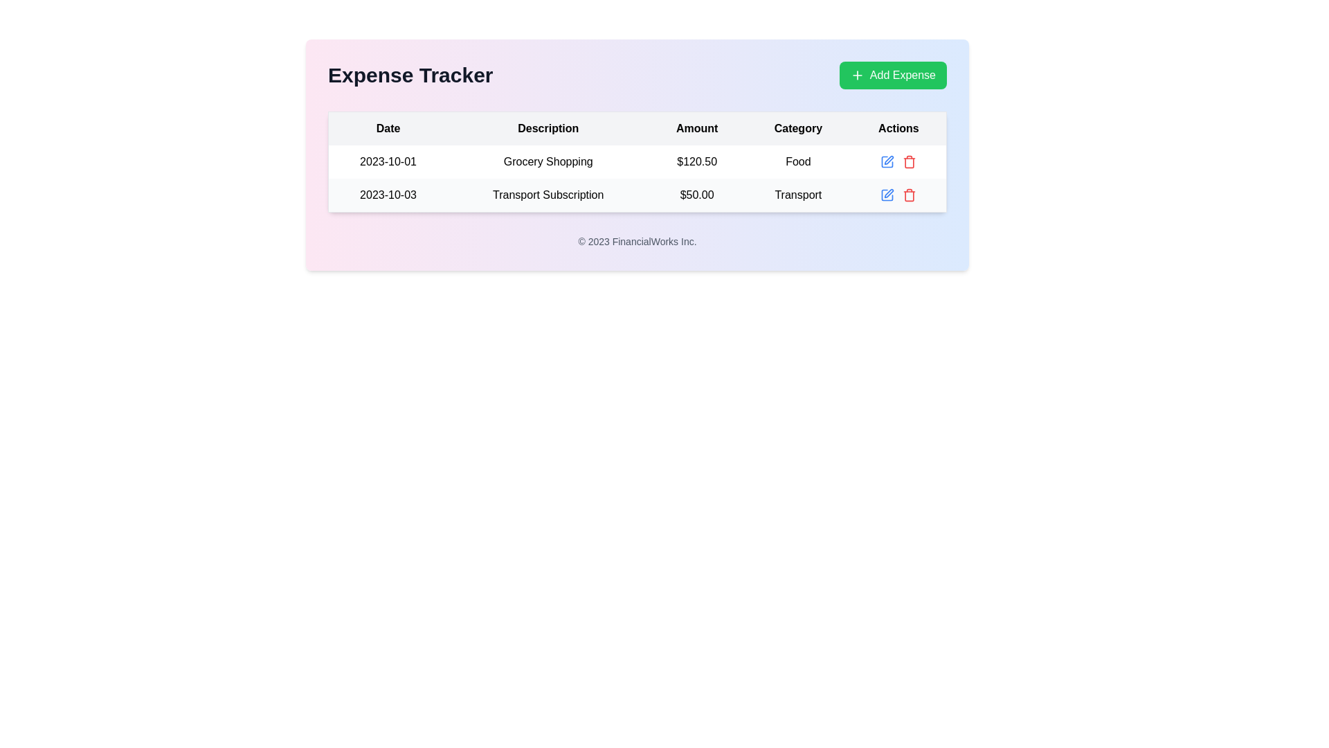  What do you see at coordinates (637, 195) in the screenshot?
I see `the second row of the expense tracker table` at bounding box center [637, 195].